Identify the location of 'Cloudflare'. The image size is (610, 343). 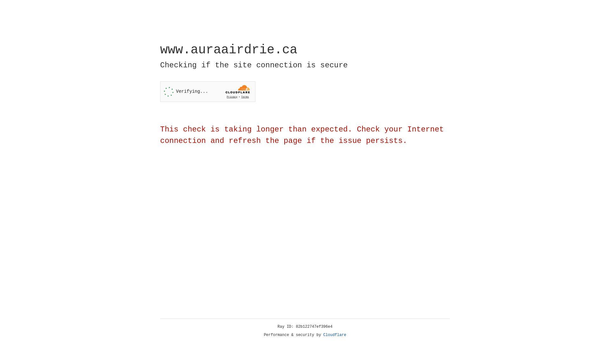
(323, 335).